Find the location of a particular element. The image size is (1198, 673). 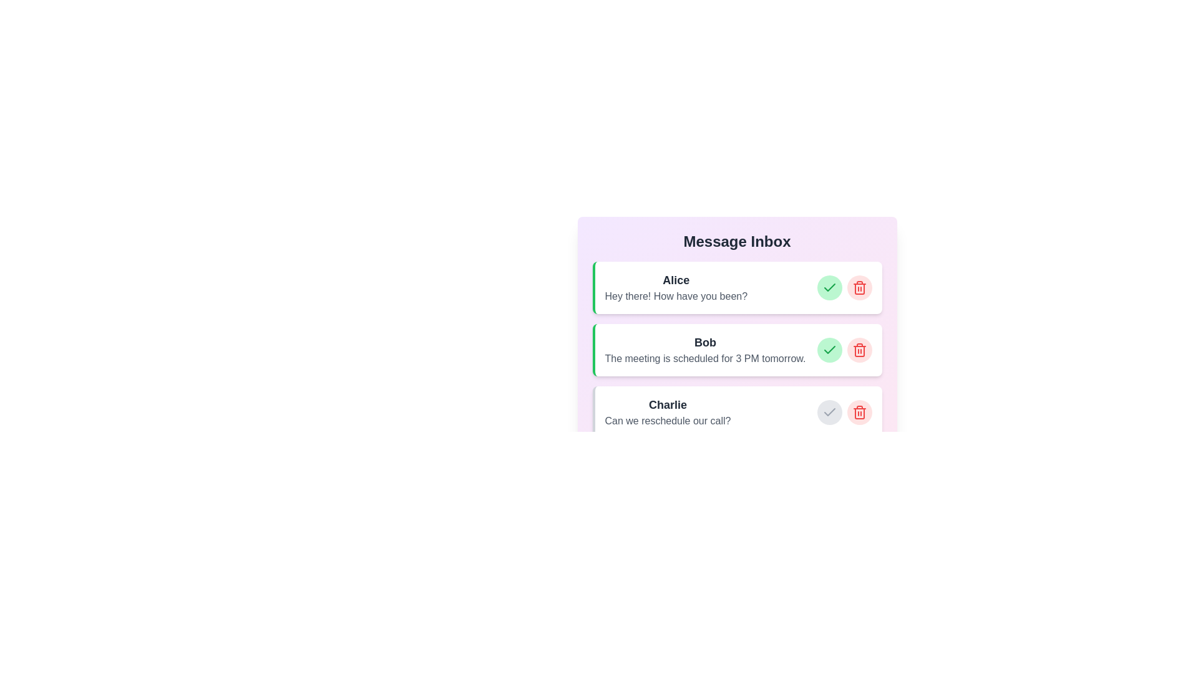

the trash button associated with the message to delete it is located at coordinates (859, 288).